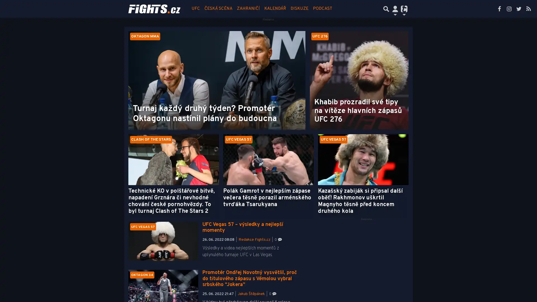 The height and width of the screenshot is (302, 537). I want to click on Prepnout hledani, so click(386, 9).